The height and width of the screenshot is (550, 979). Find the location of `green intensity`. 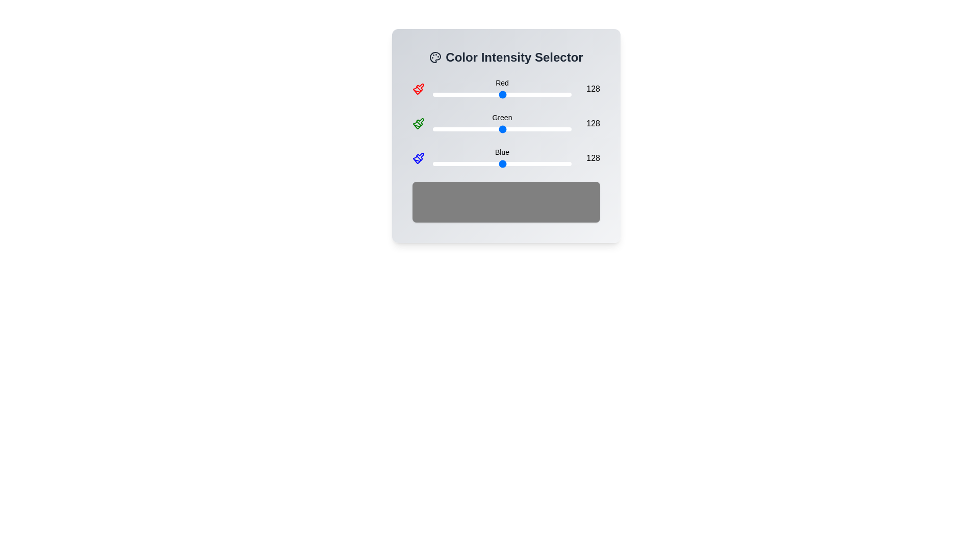

green intensity is located at coordinates (492, 129).